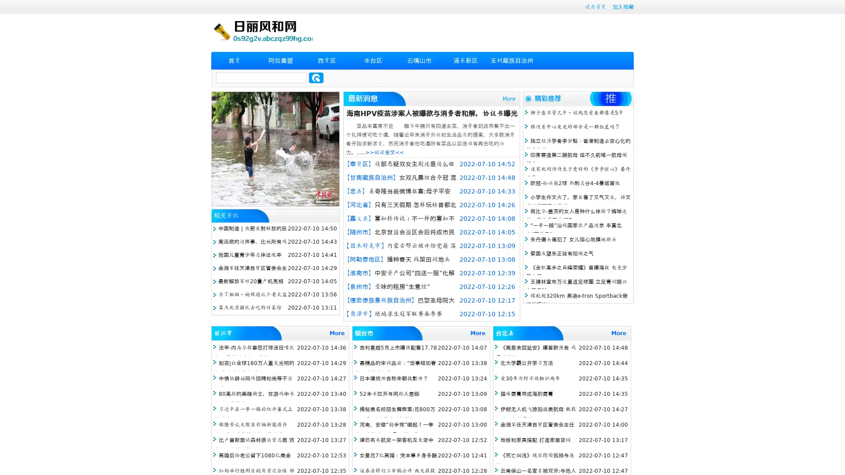 The width and height of the screenshot is (845, 475). What do you see at coordinates (316, 77) in the screenshot?
I see `Search` at bounding box center [316, 77].